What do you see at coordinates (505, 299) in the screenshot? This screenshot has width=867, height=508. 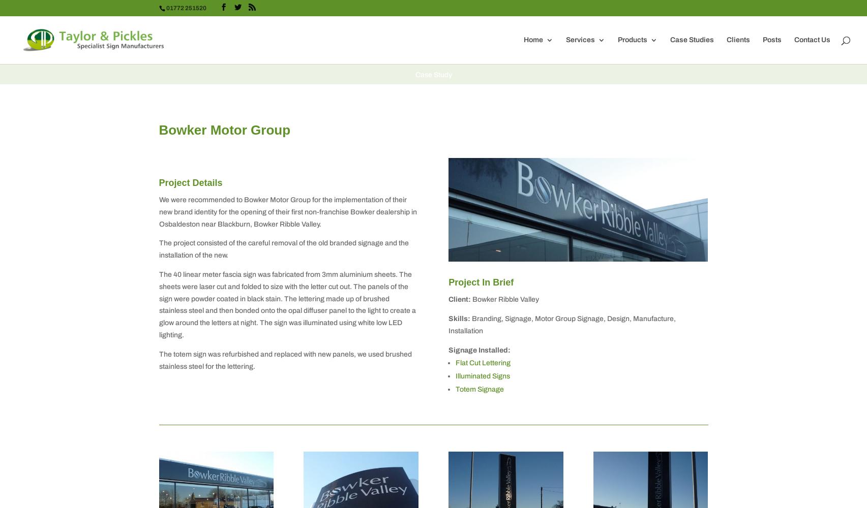 I see `'Bowker Ribble Valley'` at bounding box center [505, 299].